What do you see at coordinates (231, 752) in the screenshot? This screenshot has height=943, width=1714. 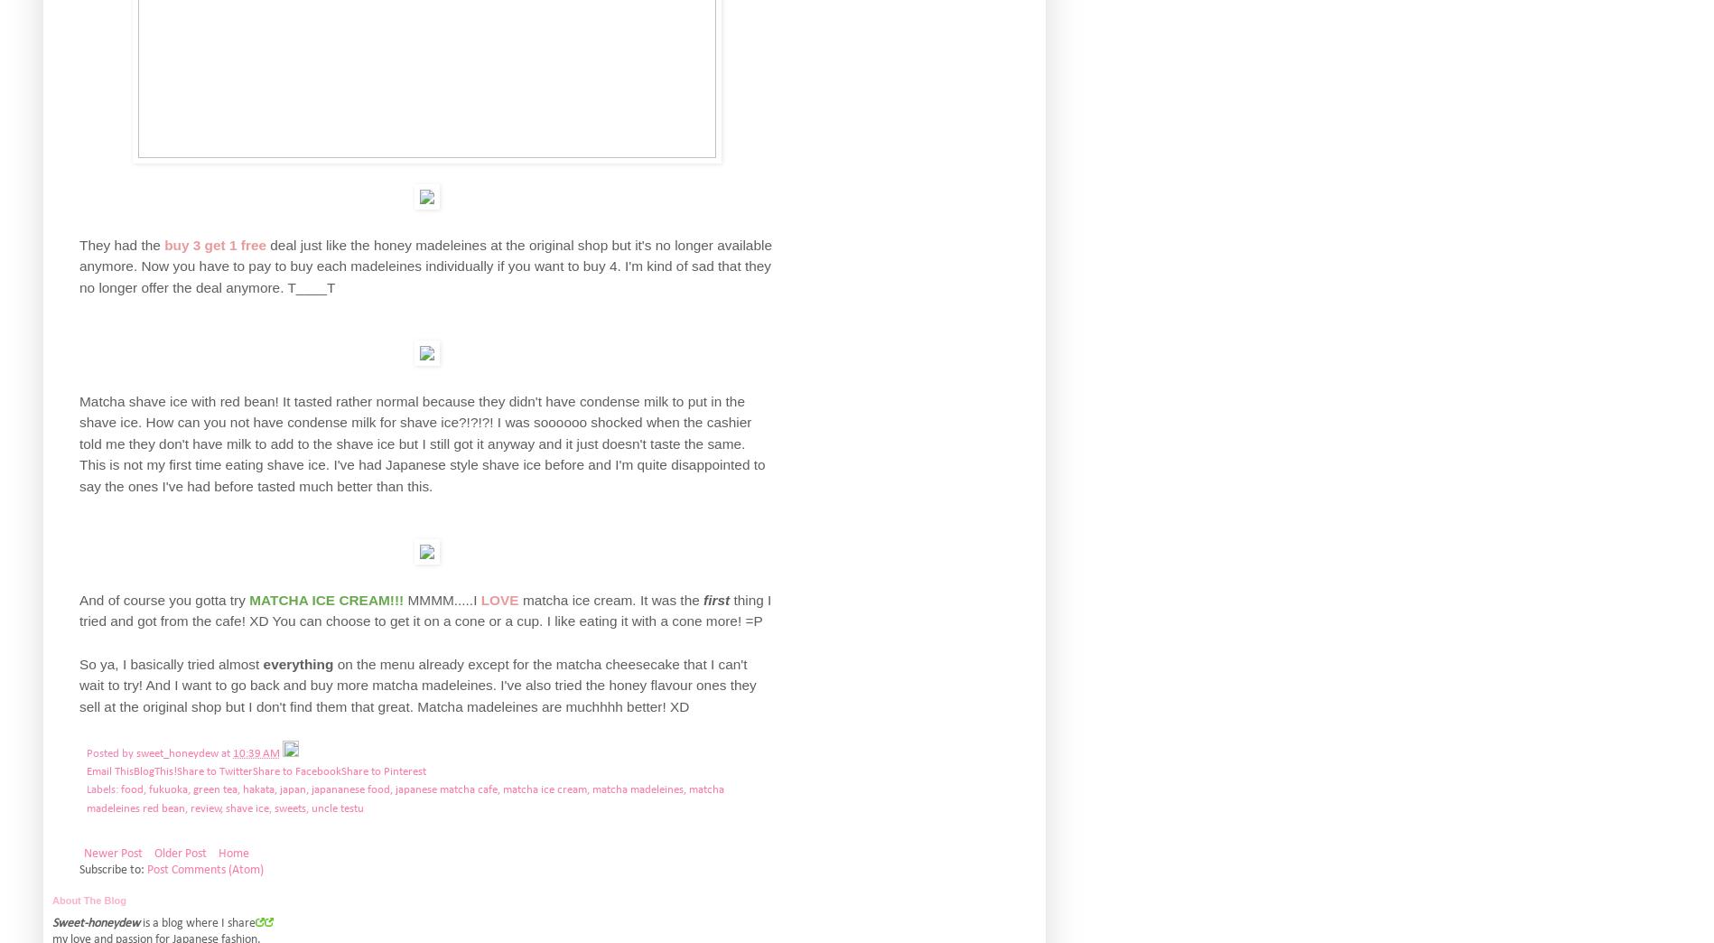 I see `'10:39 AM'` at bounding box center [231, 752].